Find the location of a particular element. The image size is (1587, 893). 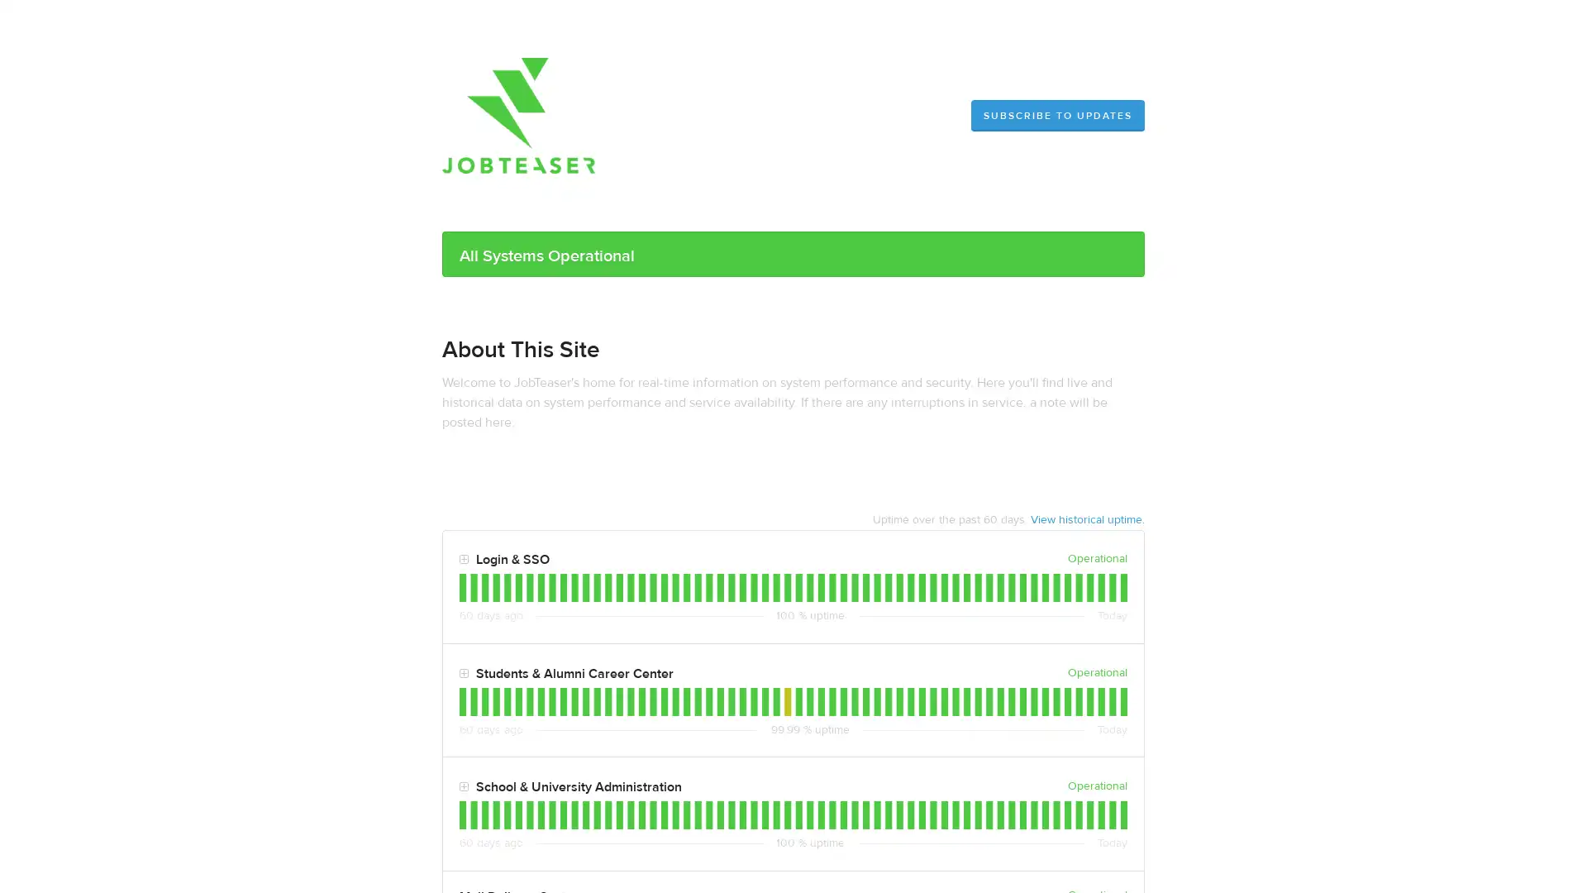

Toggle Login & SSO is located at coordinates (463, 559).